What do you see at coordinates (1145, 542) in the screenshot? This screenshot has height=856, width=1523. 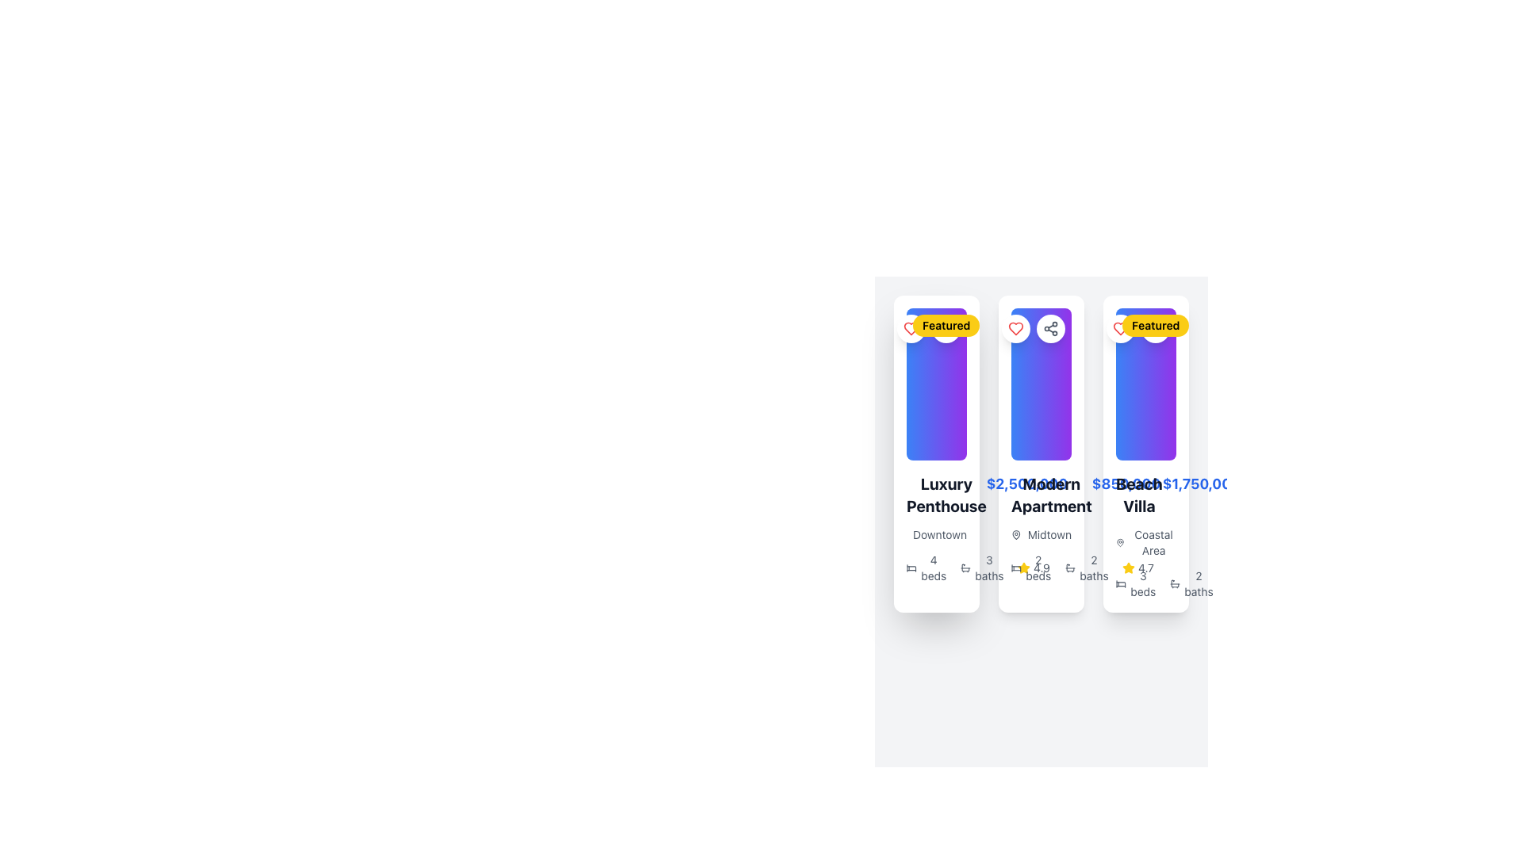 I see `the Text label with an icon that provides location information for the property listing, situated below 'Beach Villa' and '$1,750,000', and above the details about beds and baths` at bounding box center [1145, 542].